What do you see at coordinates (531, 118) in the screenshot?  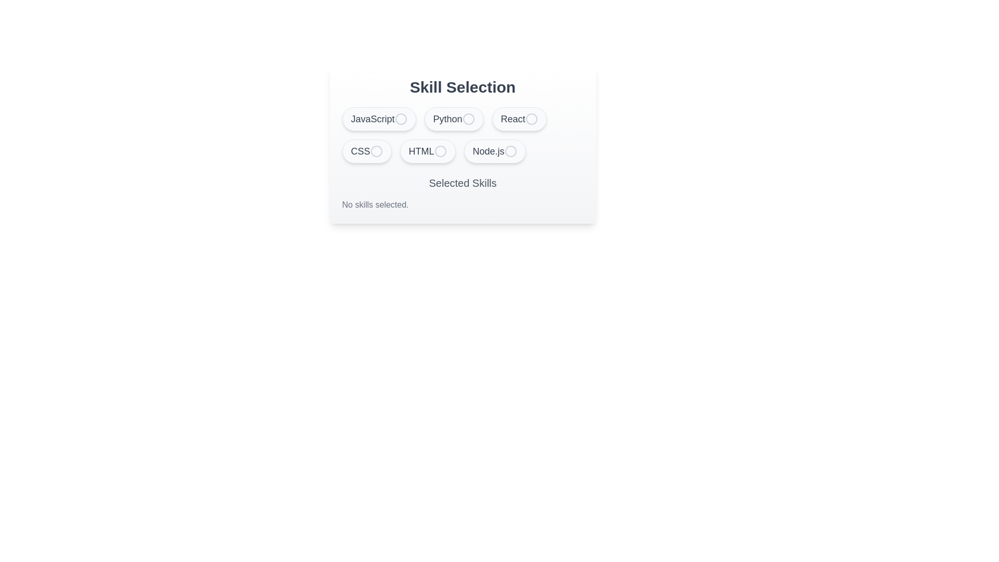 I see `the radio button indicating the 'React' skill, which is the third circular selection in the Skill Selection interface` at bounding box center [531, 118].